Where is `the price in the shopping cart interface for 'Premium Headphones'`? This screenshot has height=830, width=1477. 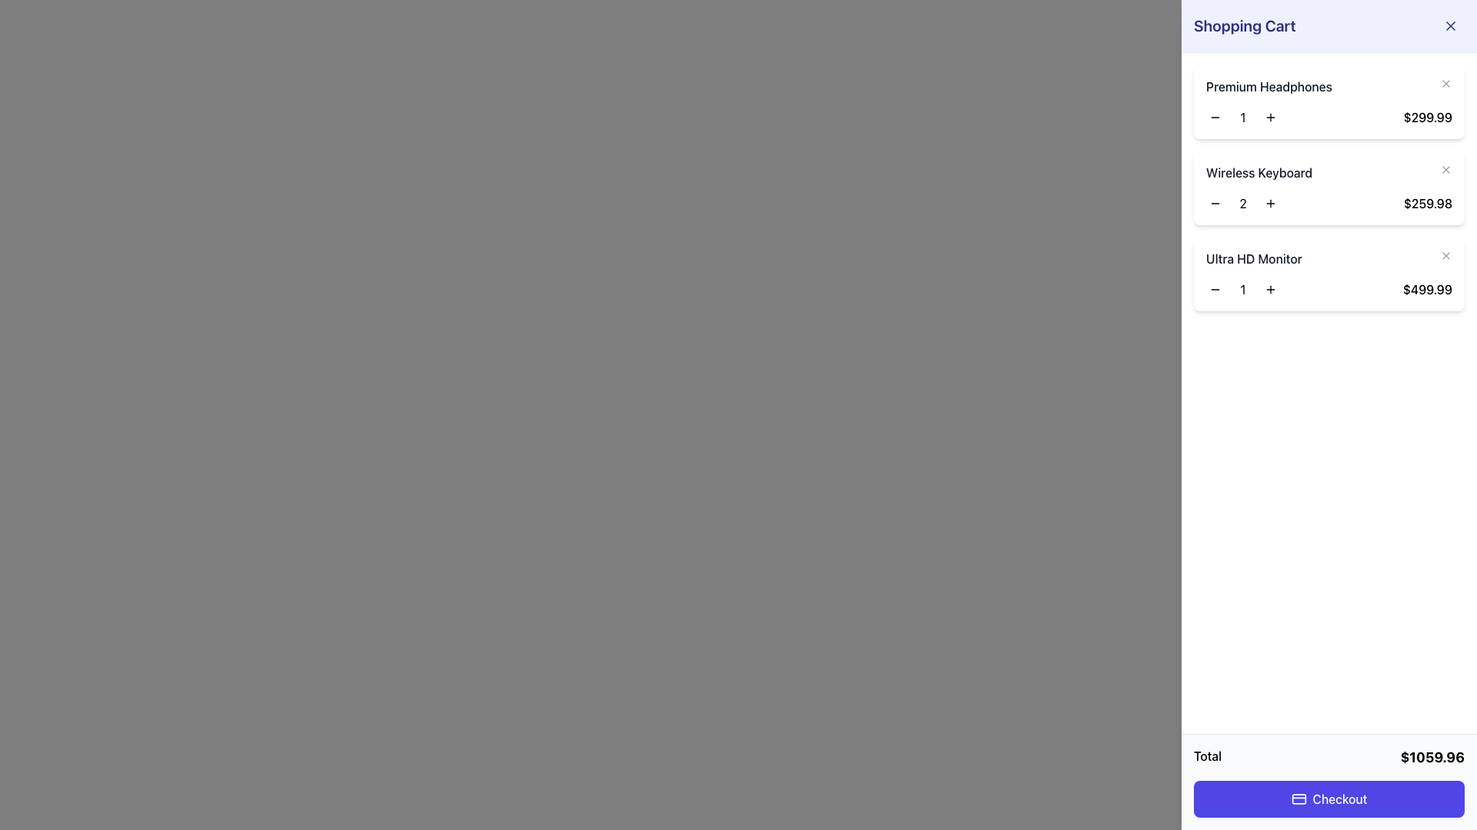
the price in the shopping cart interface for 'Premium Headphones' is located at coordinates (1329, 117).